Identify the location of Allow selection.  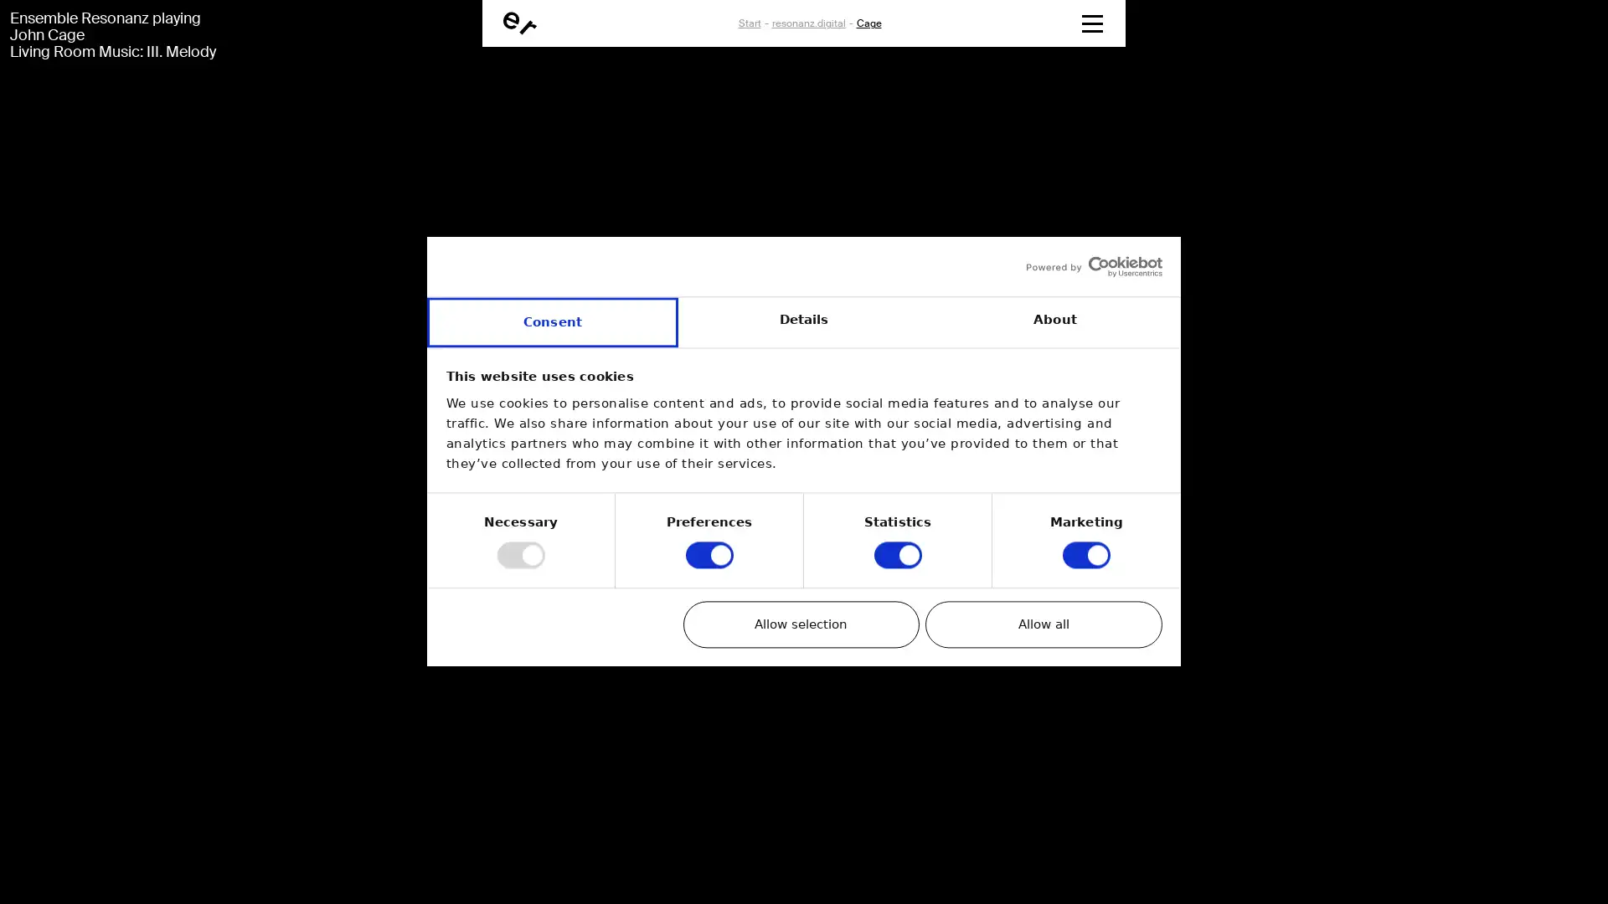
(799, 624).